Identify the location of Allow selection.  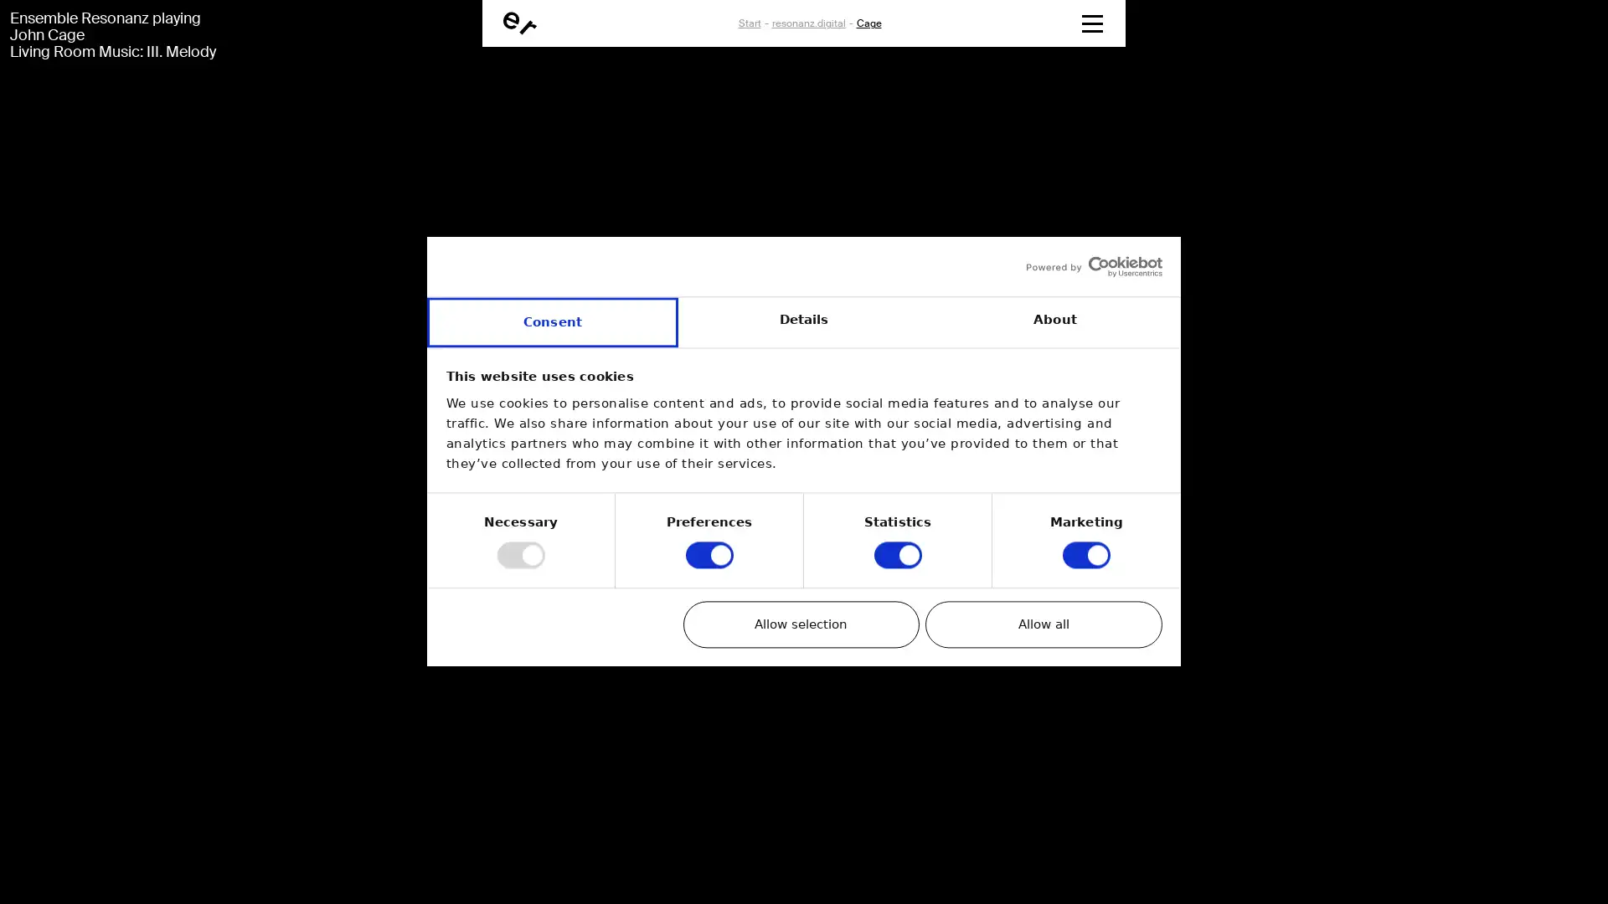
(799, 624).